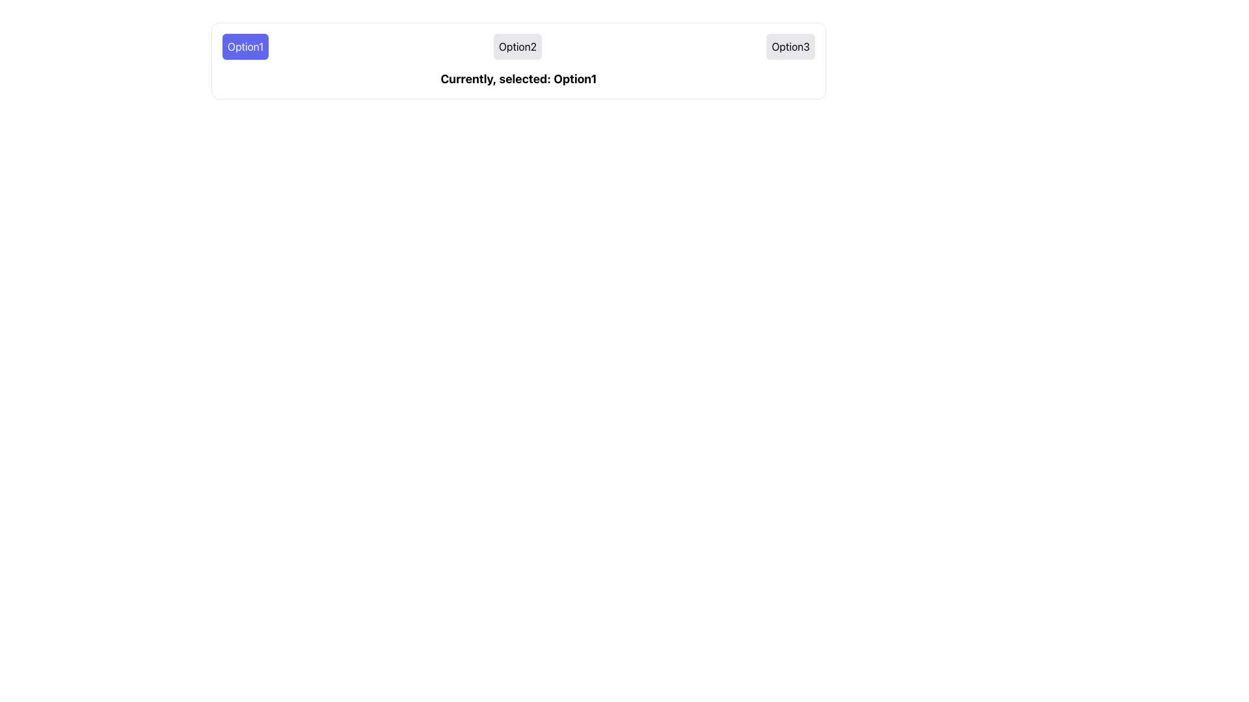 This screenshot has width=1249, height=702. Describe the element at coordinates (790, 46) in the screenshot. I see `the button labeled 'Option3', which has a light gray background and black text` at that location.